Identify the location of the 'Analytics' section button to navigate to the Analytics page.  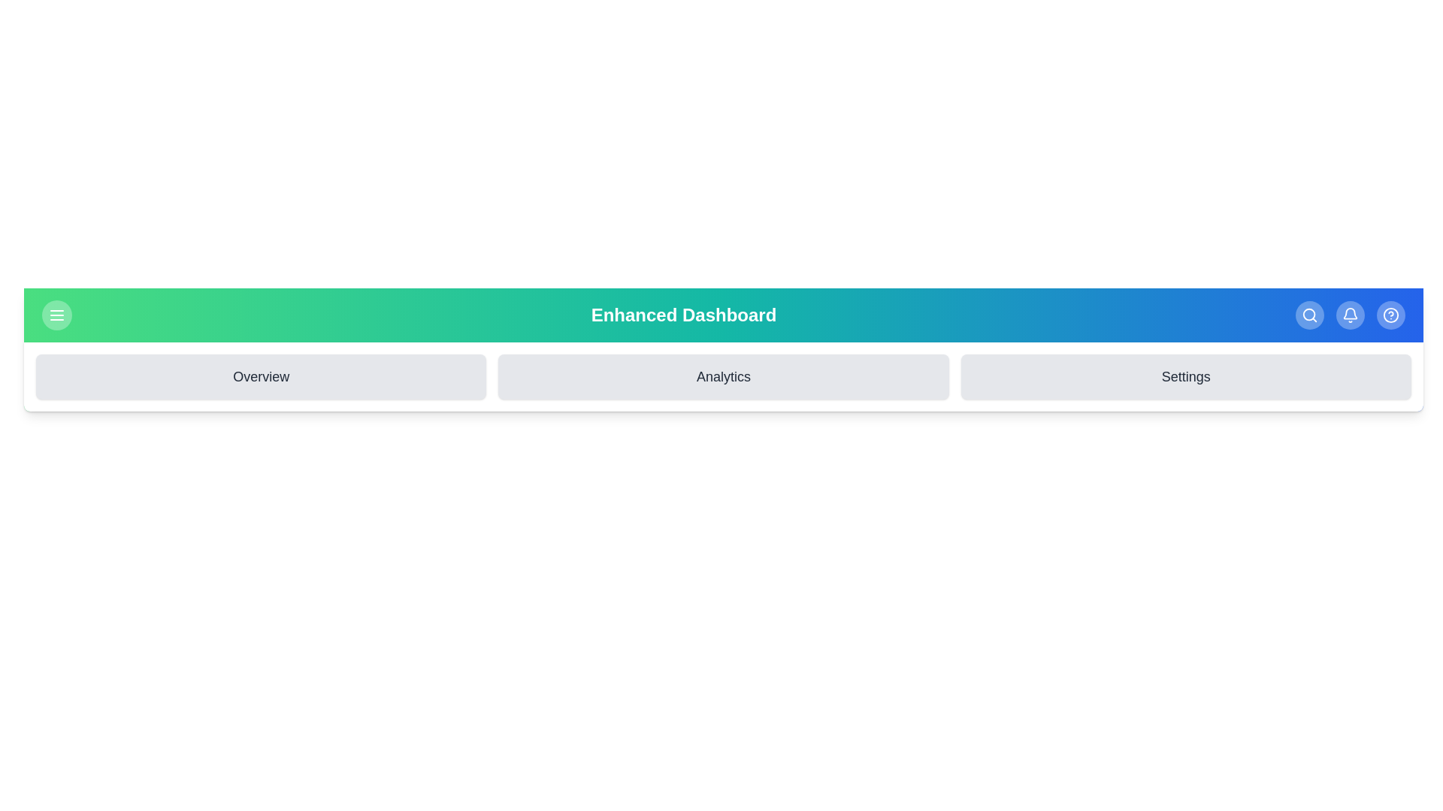
(722, 375).